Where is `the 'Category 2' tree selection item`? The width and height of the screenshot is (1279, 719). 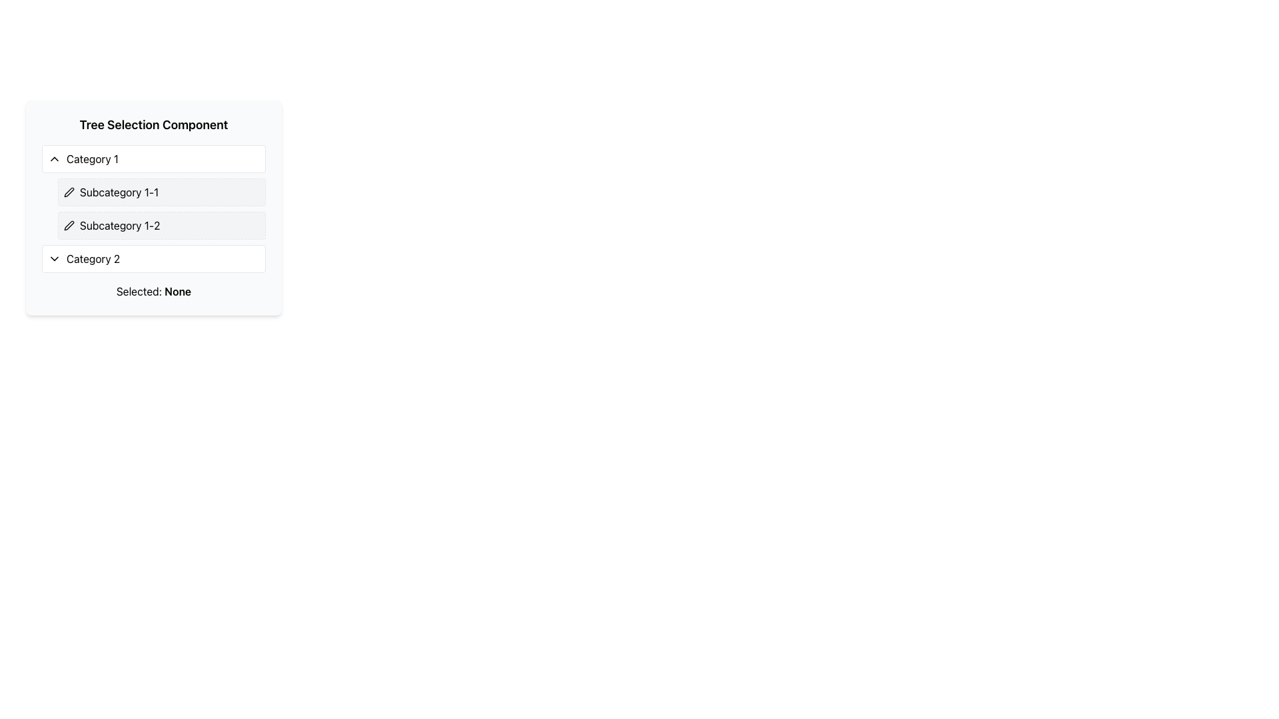
the 'Category 2' tree selection item is located at coordinates (153, 259).